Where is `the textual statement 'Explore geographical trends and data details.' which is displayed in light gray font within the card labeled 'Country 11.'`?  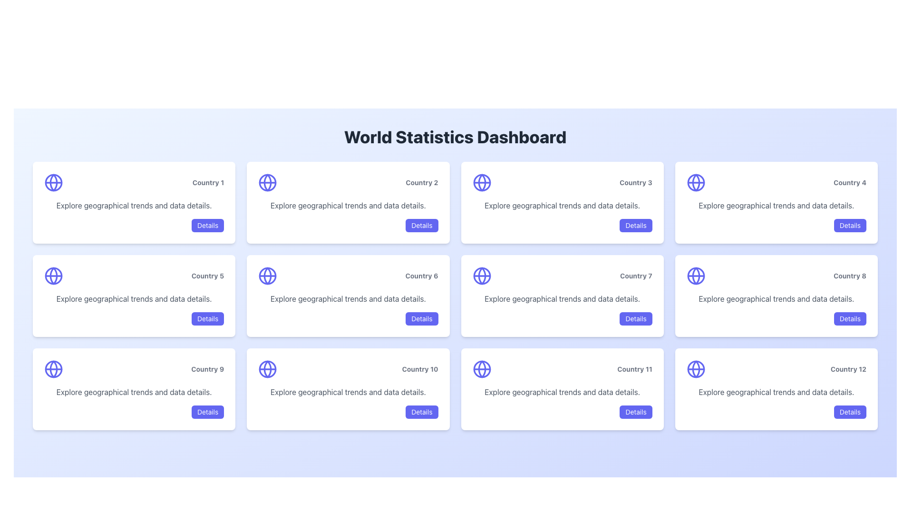
the textual statement 'Explore geographical trends and data details.' which is displayed in light gray font within the card labeled 'Country 11.' is located at coordinates (562, 392).